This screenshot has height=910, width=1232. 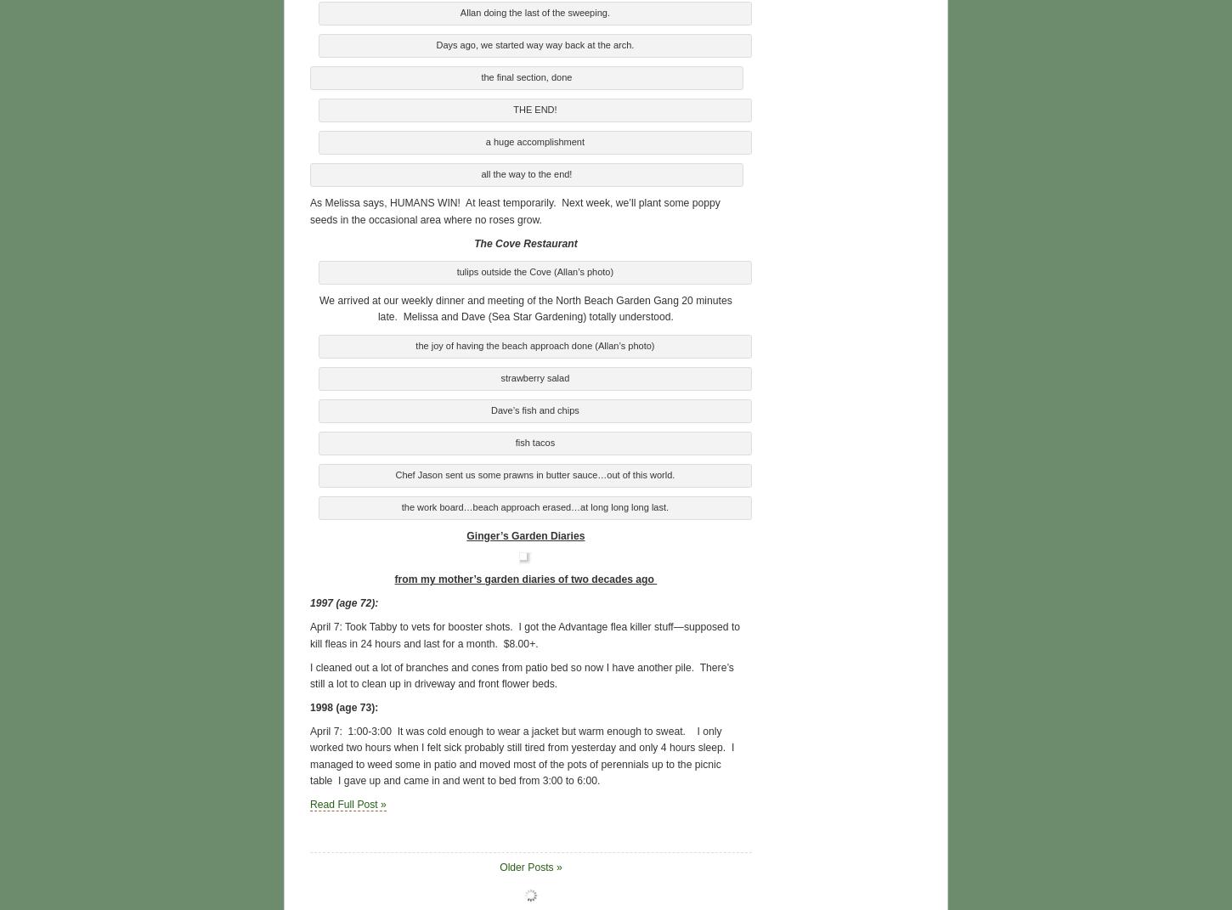 I want to click on '1998 (age 73):', so click(x=308, y=704).